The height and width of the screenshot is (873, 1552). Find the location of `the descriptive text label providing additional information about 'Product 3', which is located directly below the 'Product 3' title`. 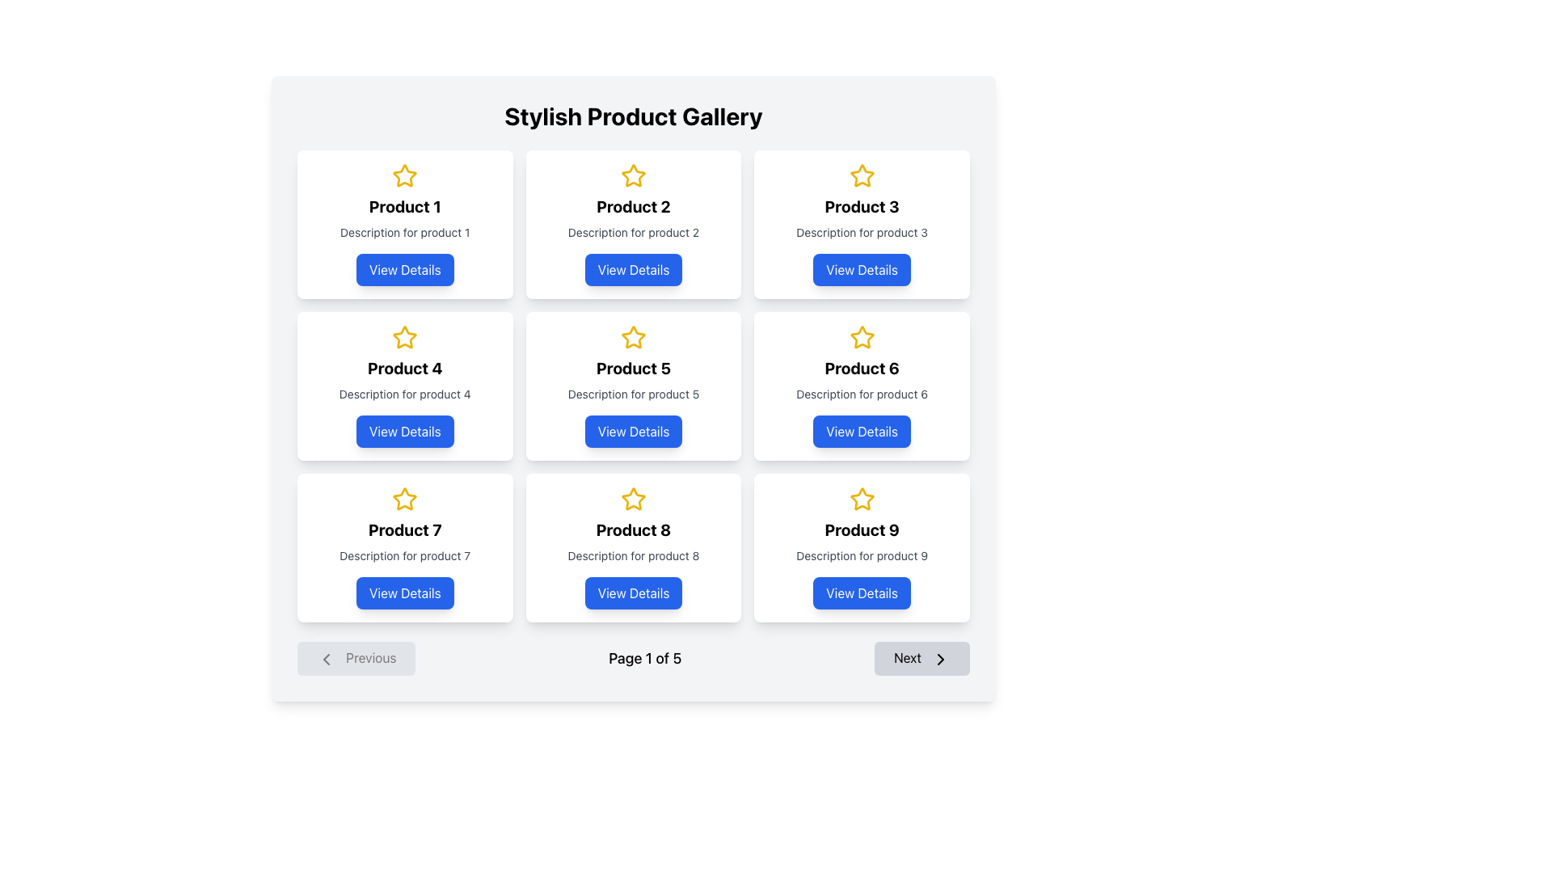

the descriptive text label providing additional information about 'Product 3', which is located directly below the 'Product 3' title is located at coordinates (861, 233).